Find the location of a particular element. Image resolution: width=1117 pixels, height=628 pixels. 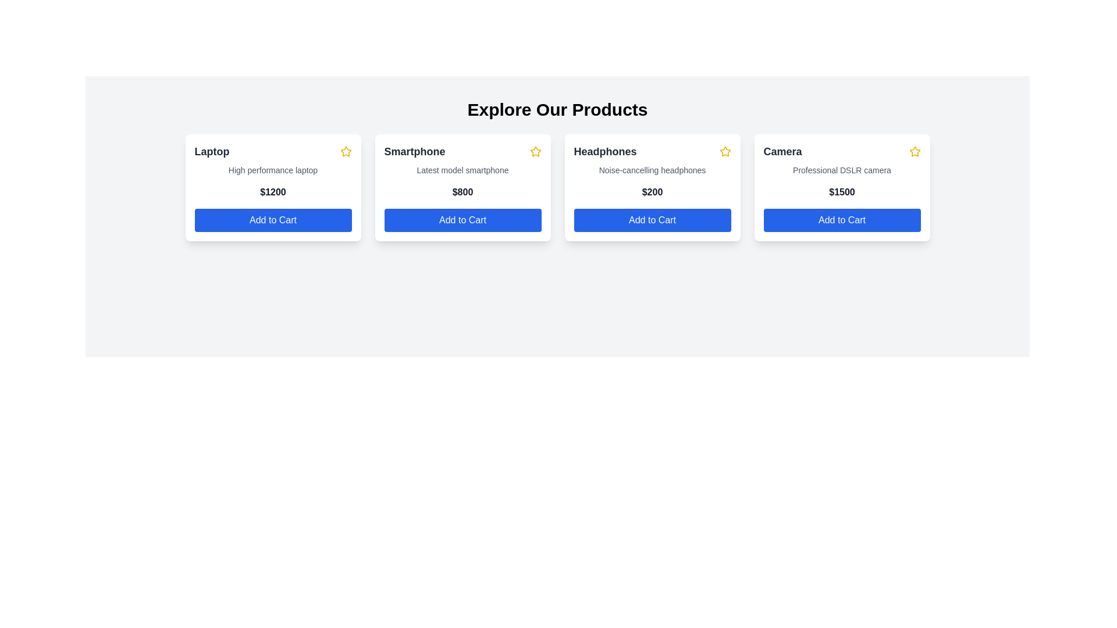

the star icon in the top-right corner of the 'Headphones' product card is located at coordinates (724, 151).